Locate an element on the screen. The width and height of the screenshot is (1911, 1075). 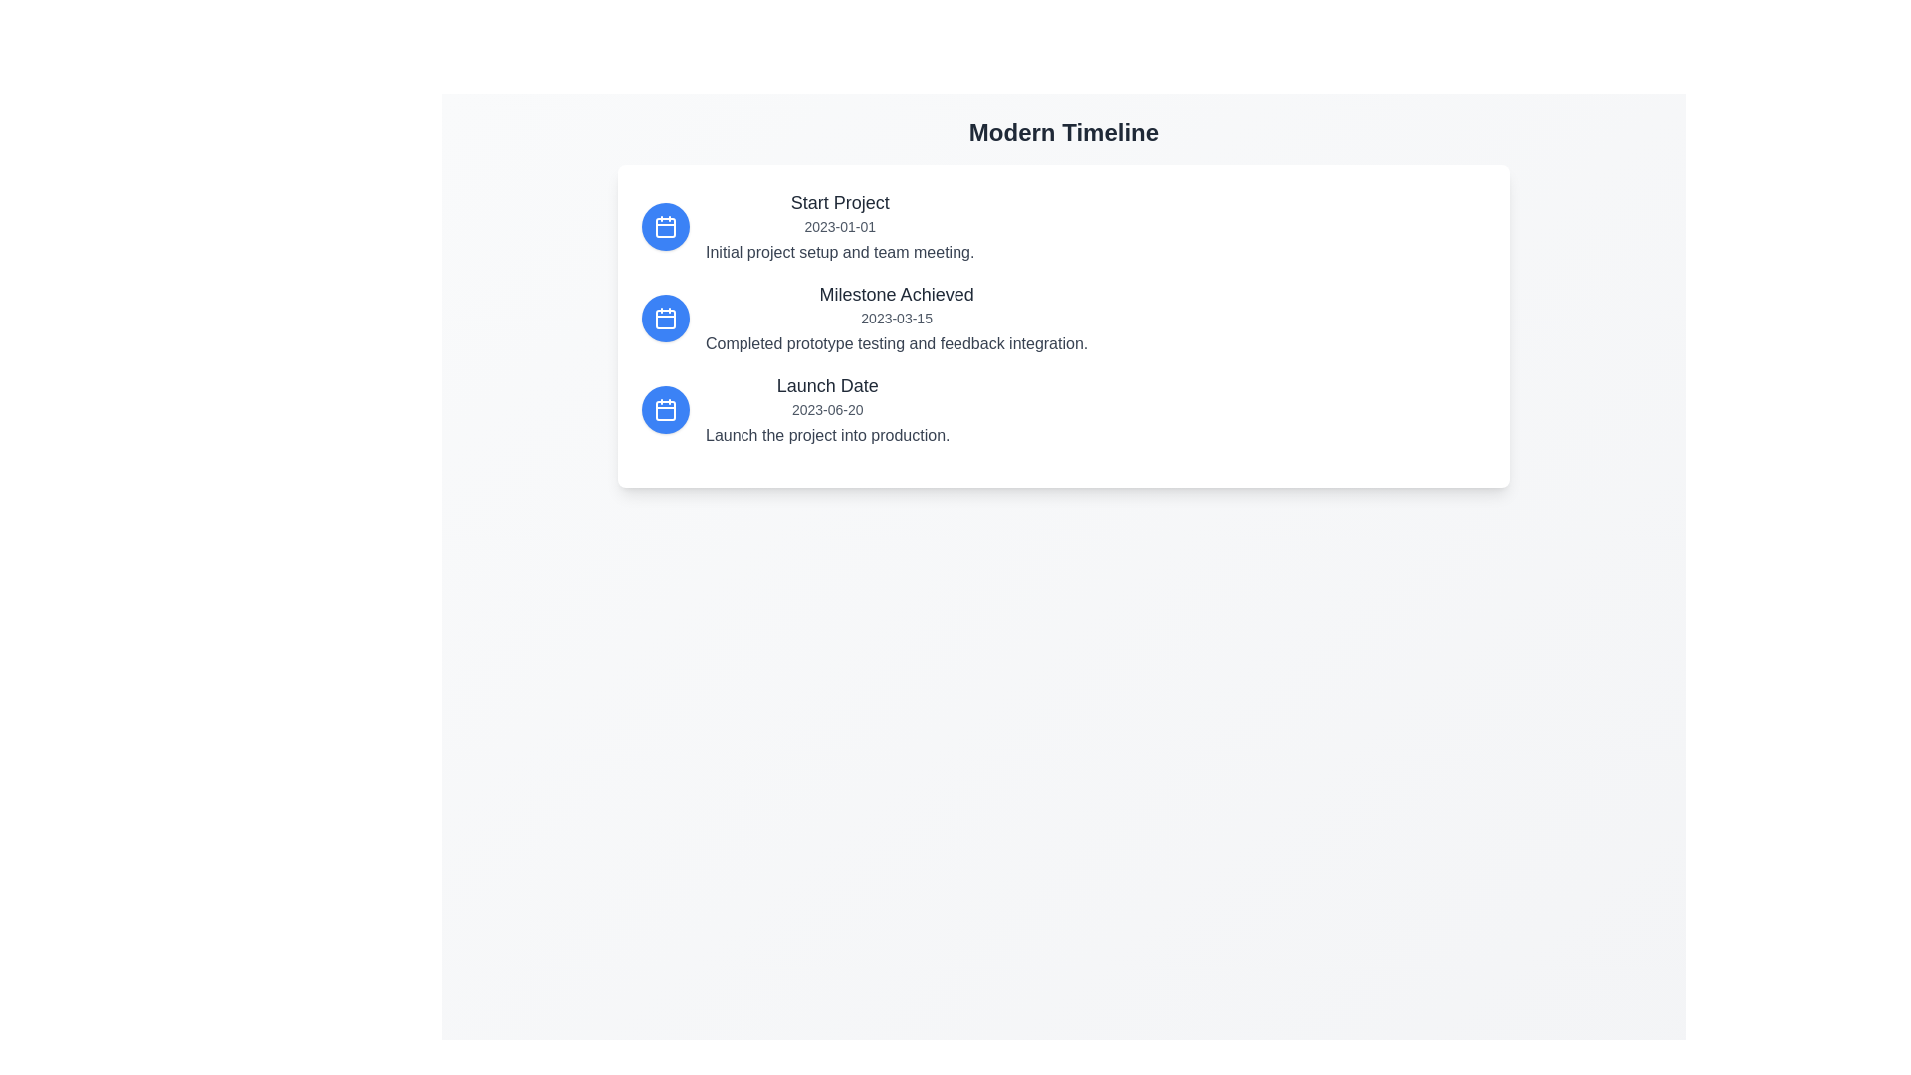
the Circular Icon Button representing 'Launch Date' for keyboard navigation, located beneath the second blue icon in the timeline interface is located at coordinates (665, 409).